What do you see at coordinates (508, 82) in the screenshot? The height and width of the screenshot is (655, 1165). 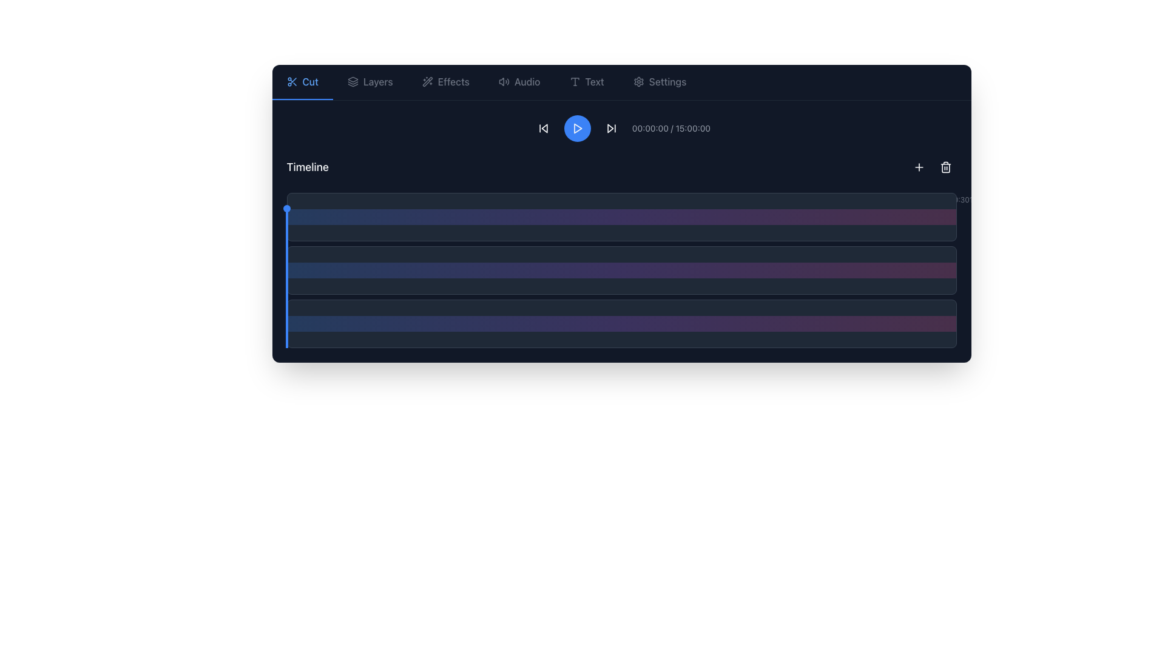 I see `the Decorative icon element, which is the outermost wave of a sound wave icon located on the top bar of the interface` at bounding box center [508, 82].